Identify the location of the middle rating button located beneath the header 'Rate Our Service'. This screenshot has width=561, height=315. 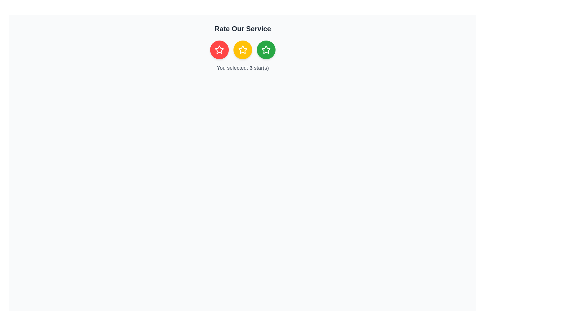
(243, 49).